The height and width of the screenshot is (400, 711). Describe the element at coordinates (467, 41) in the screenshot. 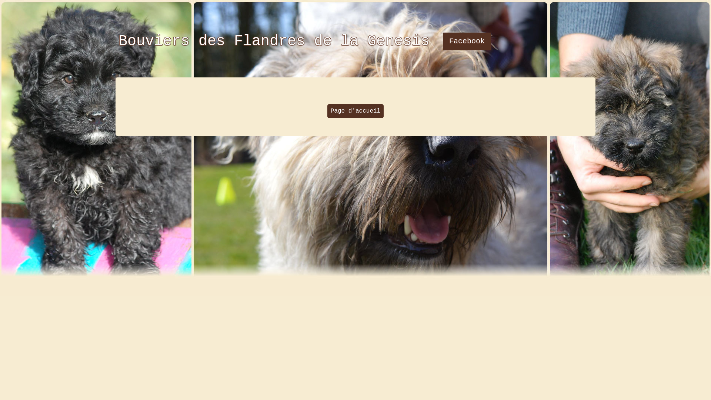

I see `'Facebook'` at that location.